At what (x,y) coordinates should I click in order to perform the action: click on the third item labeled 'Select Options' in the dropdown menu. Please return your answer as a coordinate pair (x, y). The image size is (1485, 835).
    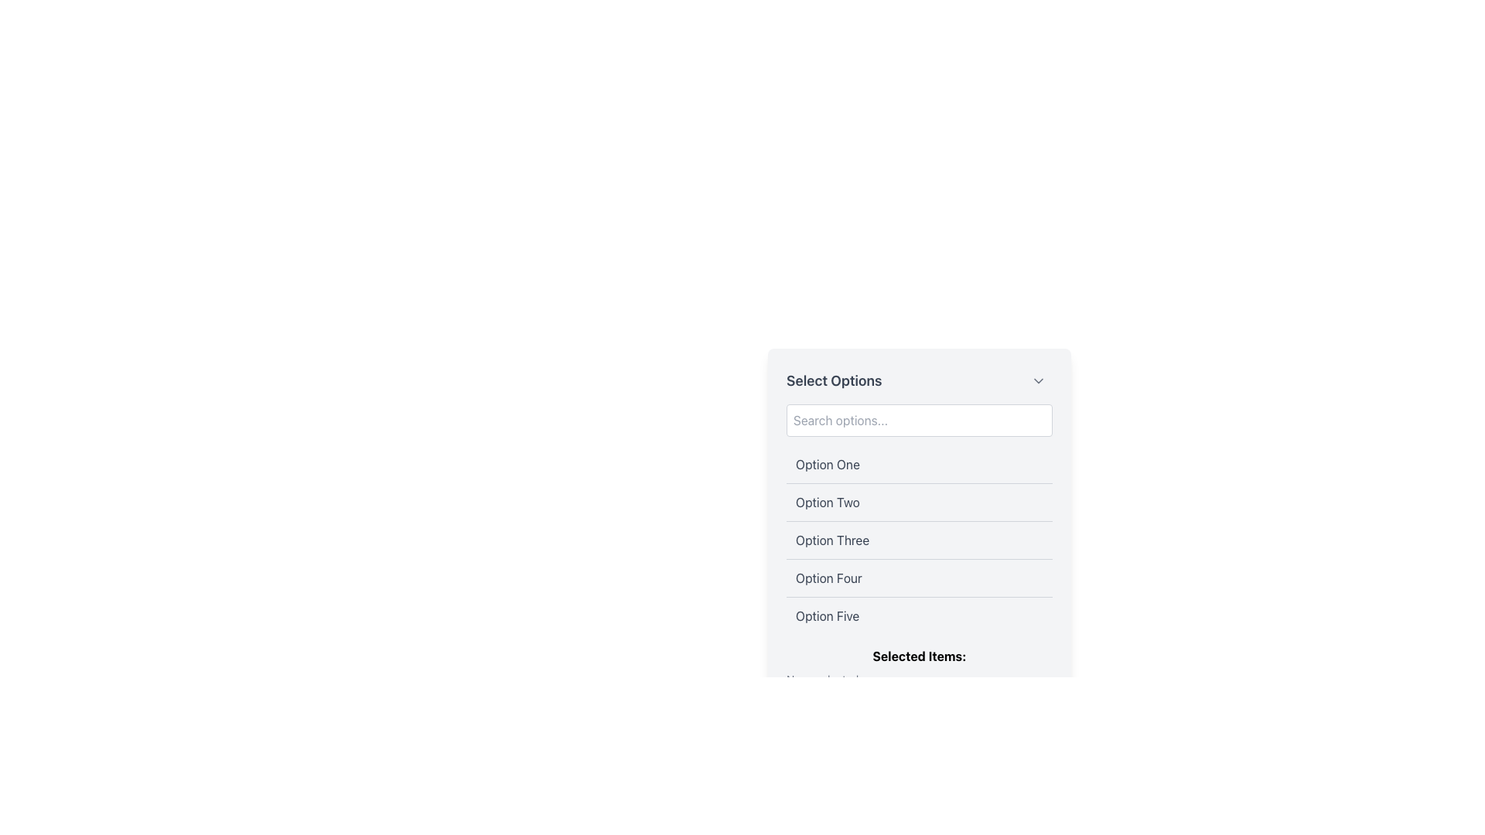
    Looking at the image, I should click on (831, 539).